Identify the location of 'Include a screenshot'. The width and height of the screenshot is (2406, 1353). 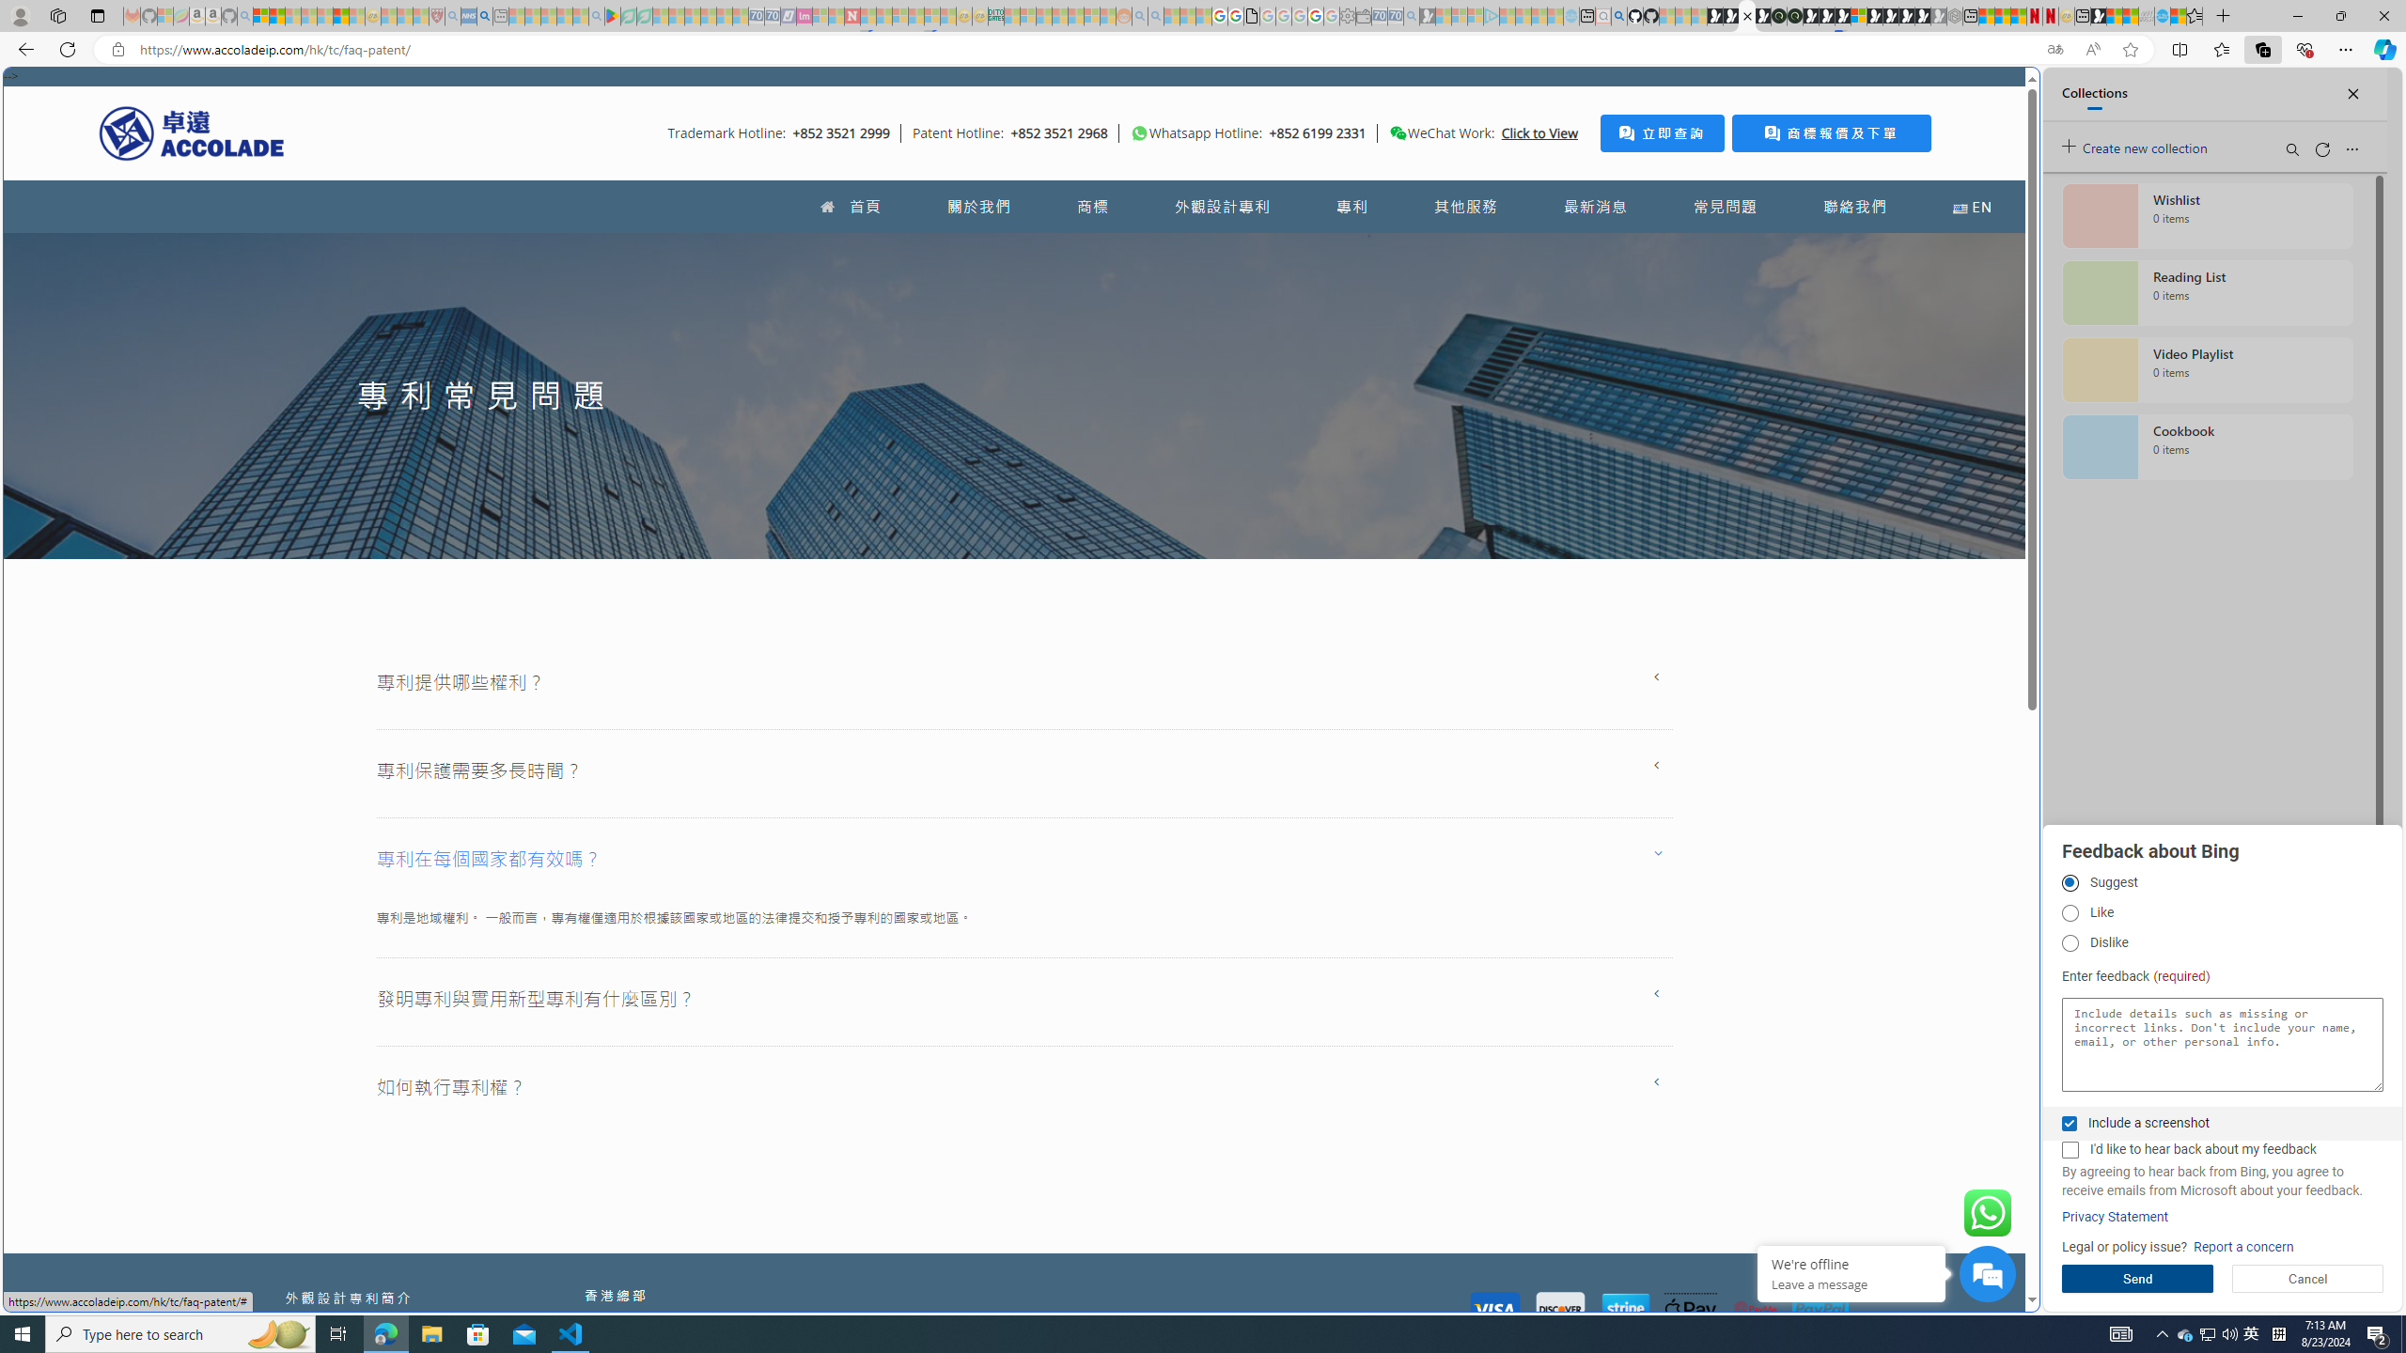
(2069, 1122).